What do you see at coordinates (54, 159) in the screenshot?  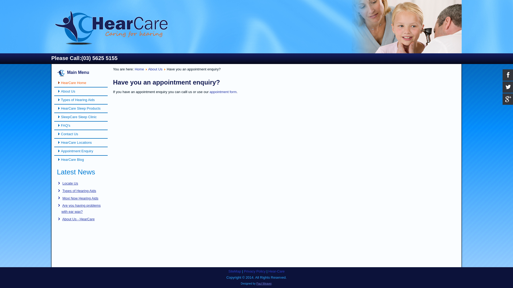 I see `'HearCare Blog'` at bounding box center [54, 159].